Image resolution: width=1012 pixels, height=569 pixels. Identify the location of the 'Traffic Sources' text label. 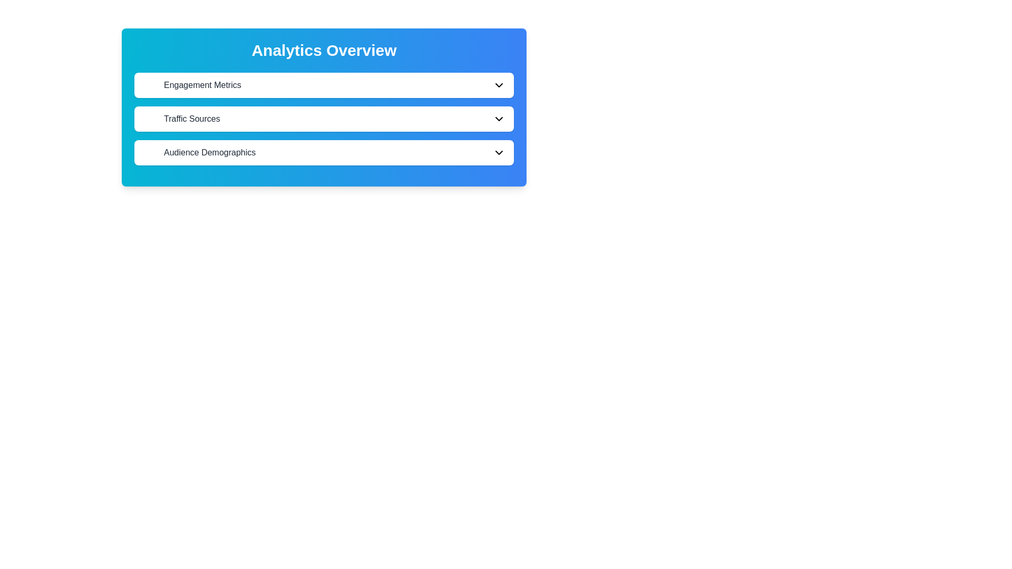
(181, 119).